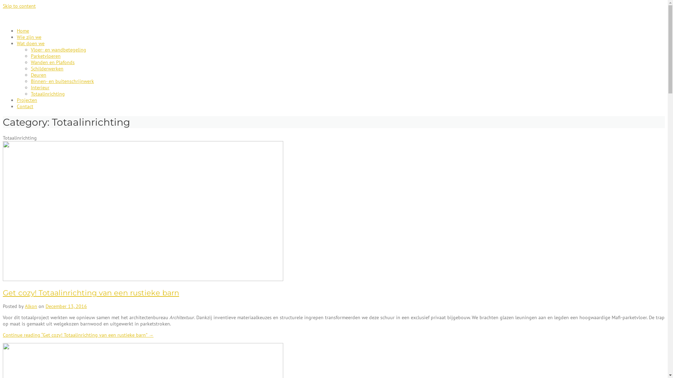 This screenshot has height=378, width=673. What do you see at coordinates (30, 49) in the screenshot?
I see `'Vloer- en wandbetegeling'` at bounding box center [30, 49].